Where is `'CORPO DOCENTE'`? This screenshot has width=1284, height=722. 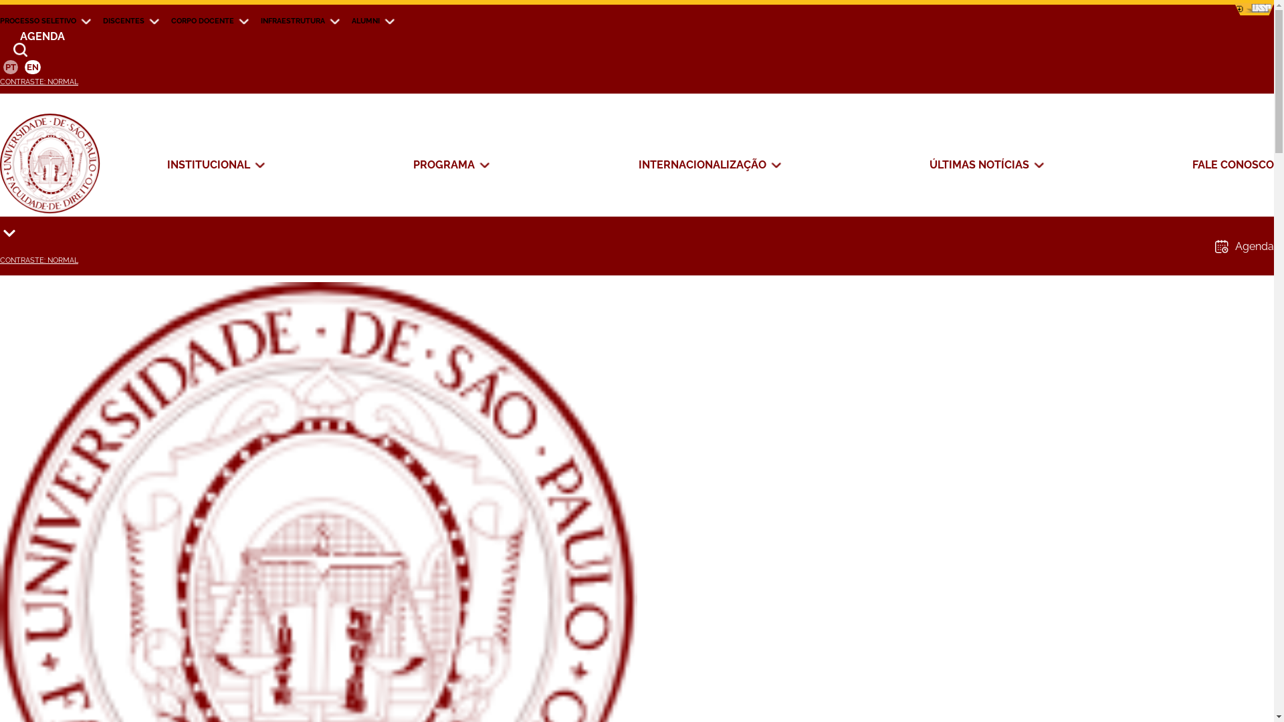
'CORPO DOCENTE' is located at coordinates (170, 20).